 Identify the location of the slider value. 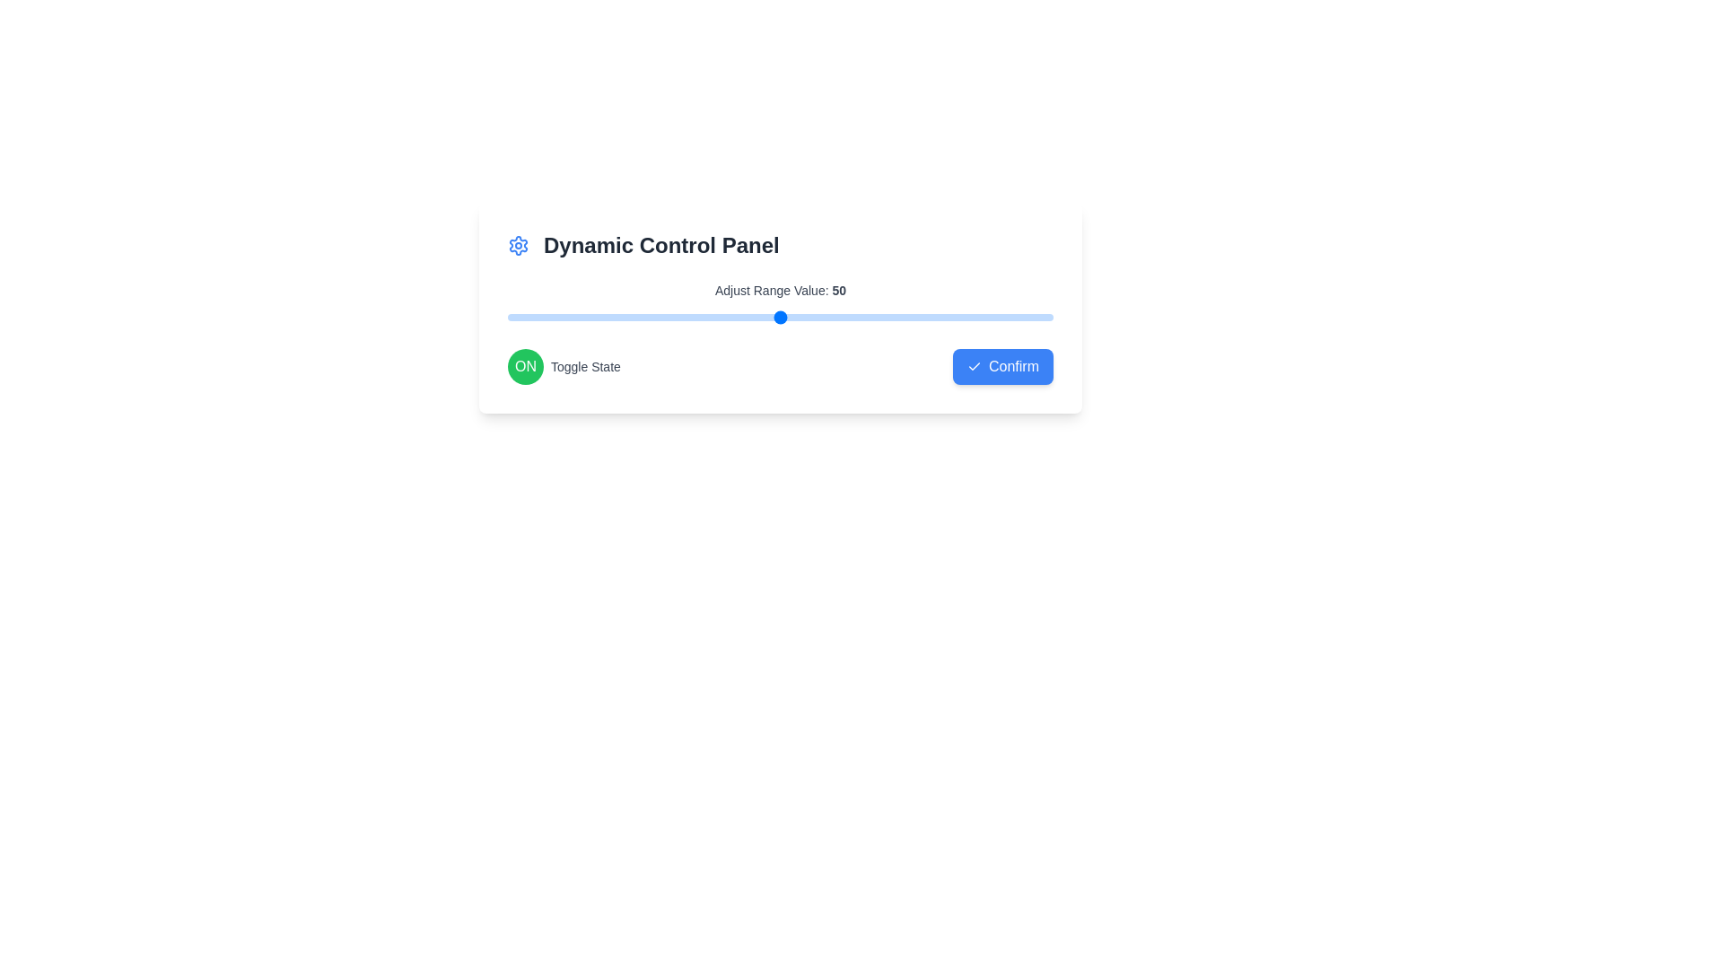
(1047, 317).